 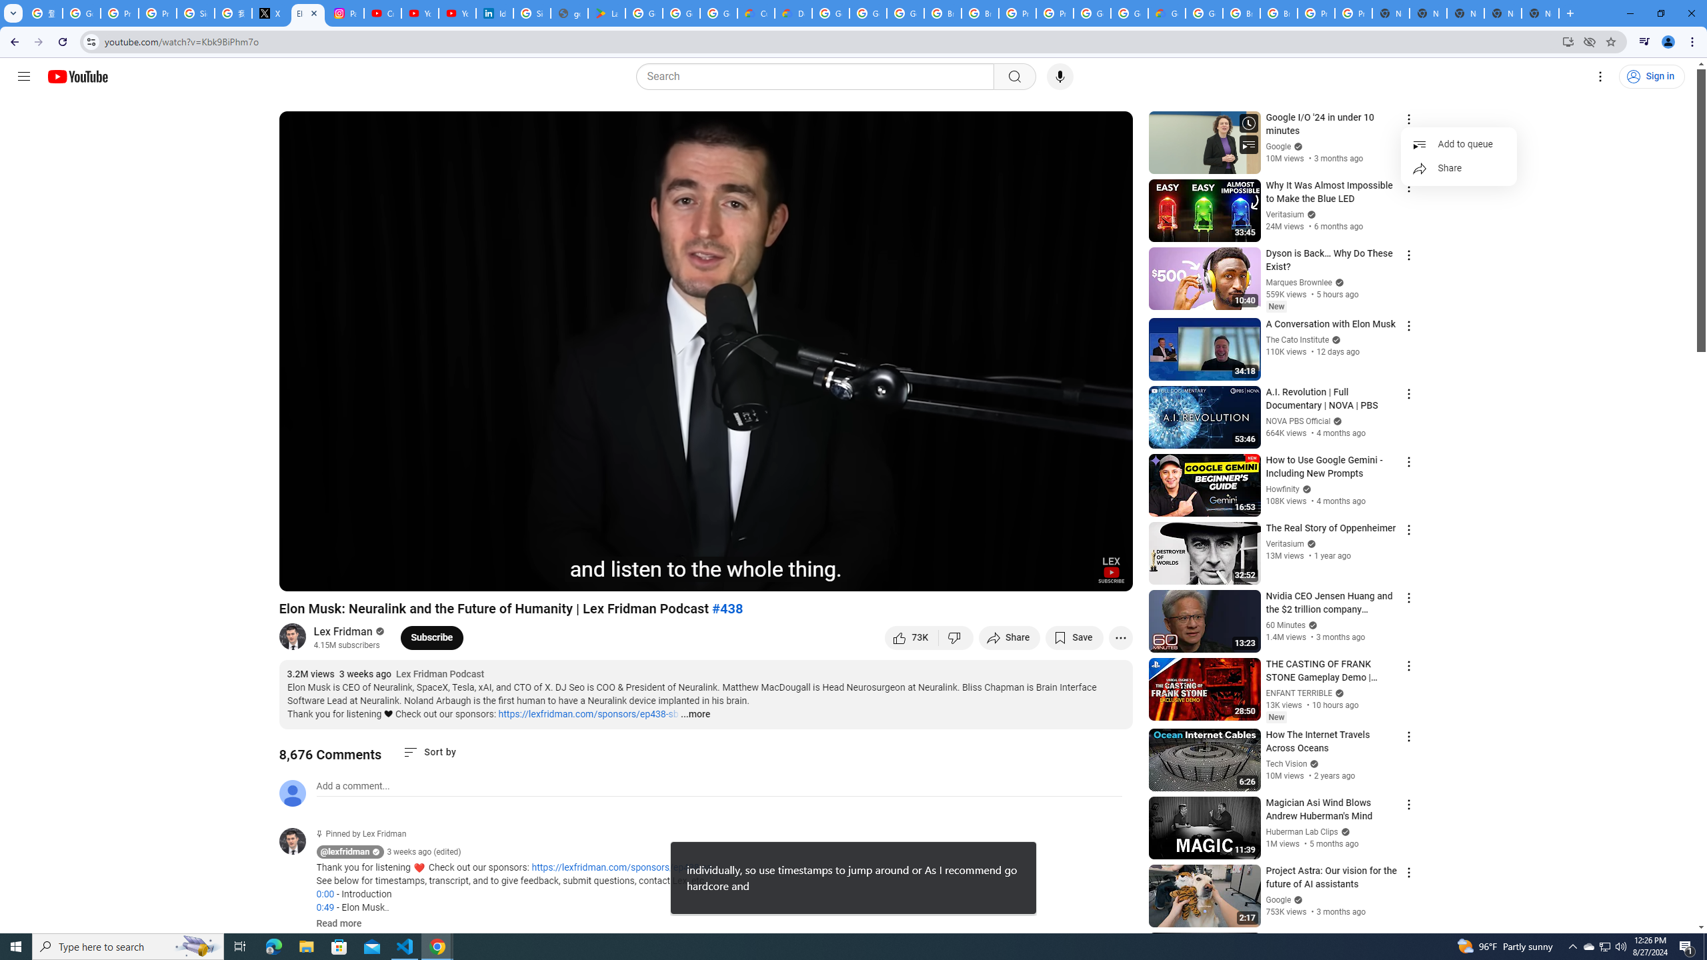 I want to click on 'Share', so click(x=1458, y=168).